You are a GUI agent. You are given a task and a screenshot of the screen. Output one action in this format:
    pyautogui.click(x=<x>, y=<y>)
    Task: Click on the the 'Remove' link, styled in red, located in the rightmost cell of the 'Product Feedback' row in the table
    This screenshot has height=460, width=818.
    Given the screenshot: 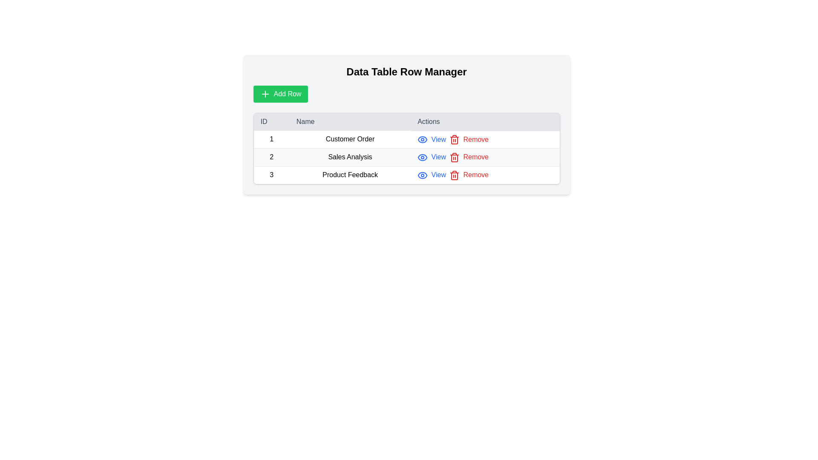 What is the action you would take?
    pyautogui.click(x=485, y=174)
    